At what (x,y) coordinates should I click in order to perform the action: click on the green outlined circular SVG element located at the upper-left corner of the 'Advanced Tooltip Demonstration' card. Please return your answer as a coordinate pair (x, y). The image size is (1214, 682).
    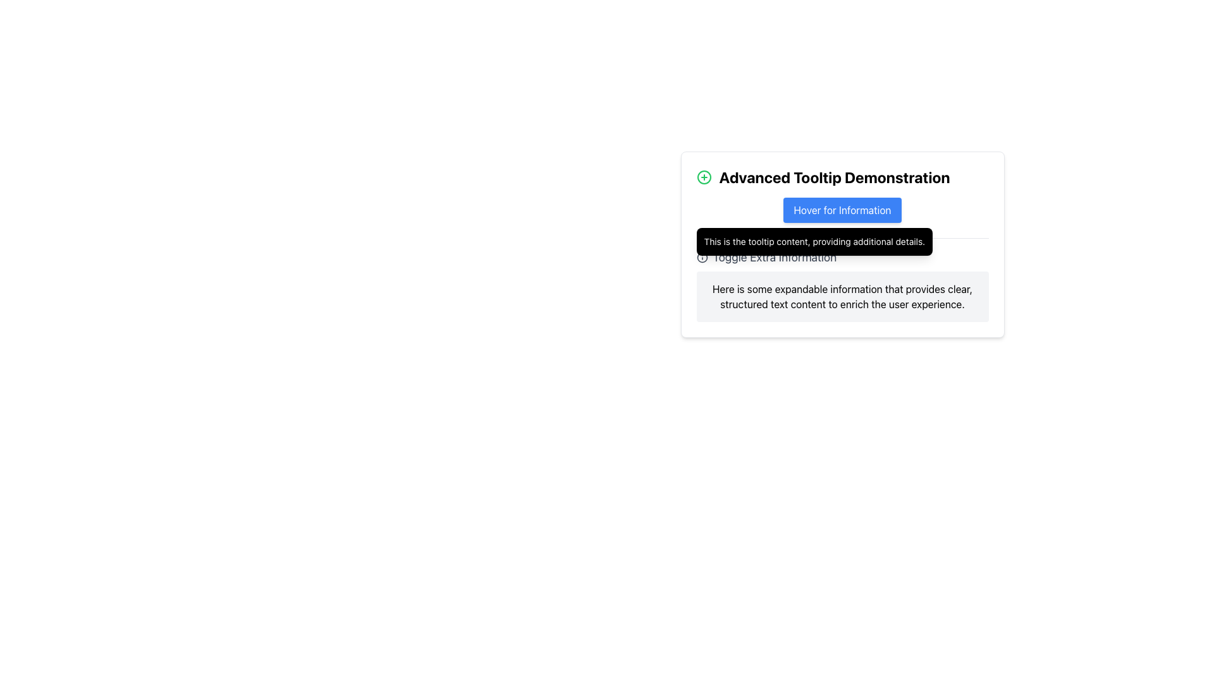
    Looking at the image, I should click on (703, 177).